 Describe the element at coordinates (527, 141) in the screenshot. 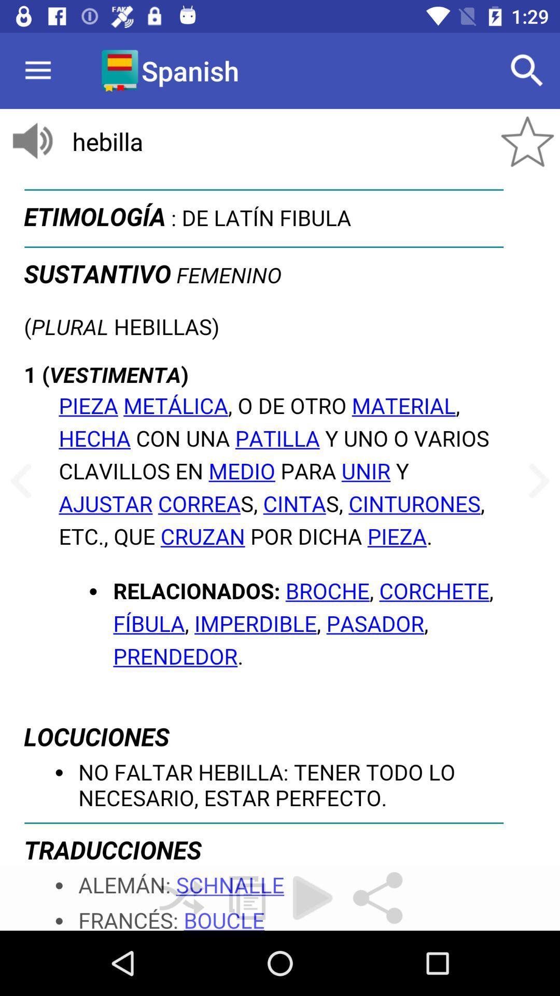

I see `the star icon` at that location.